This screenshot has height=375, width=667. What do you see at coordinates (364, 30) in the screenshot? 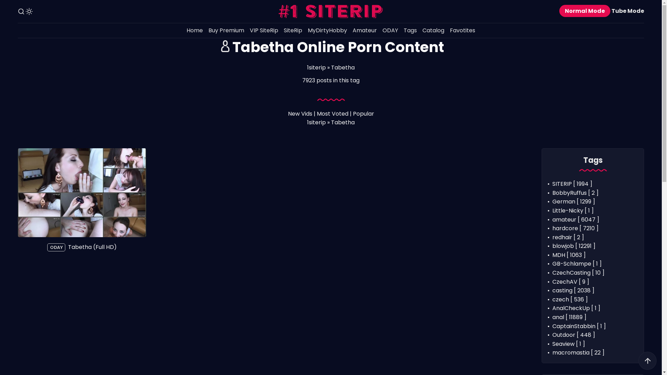
I see `'Amateur'` at bounding box center [364, 30].